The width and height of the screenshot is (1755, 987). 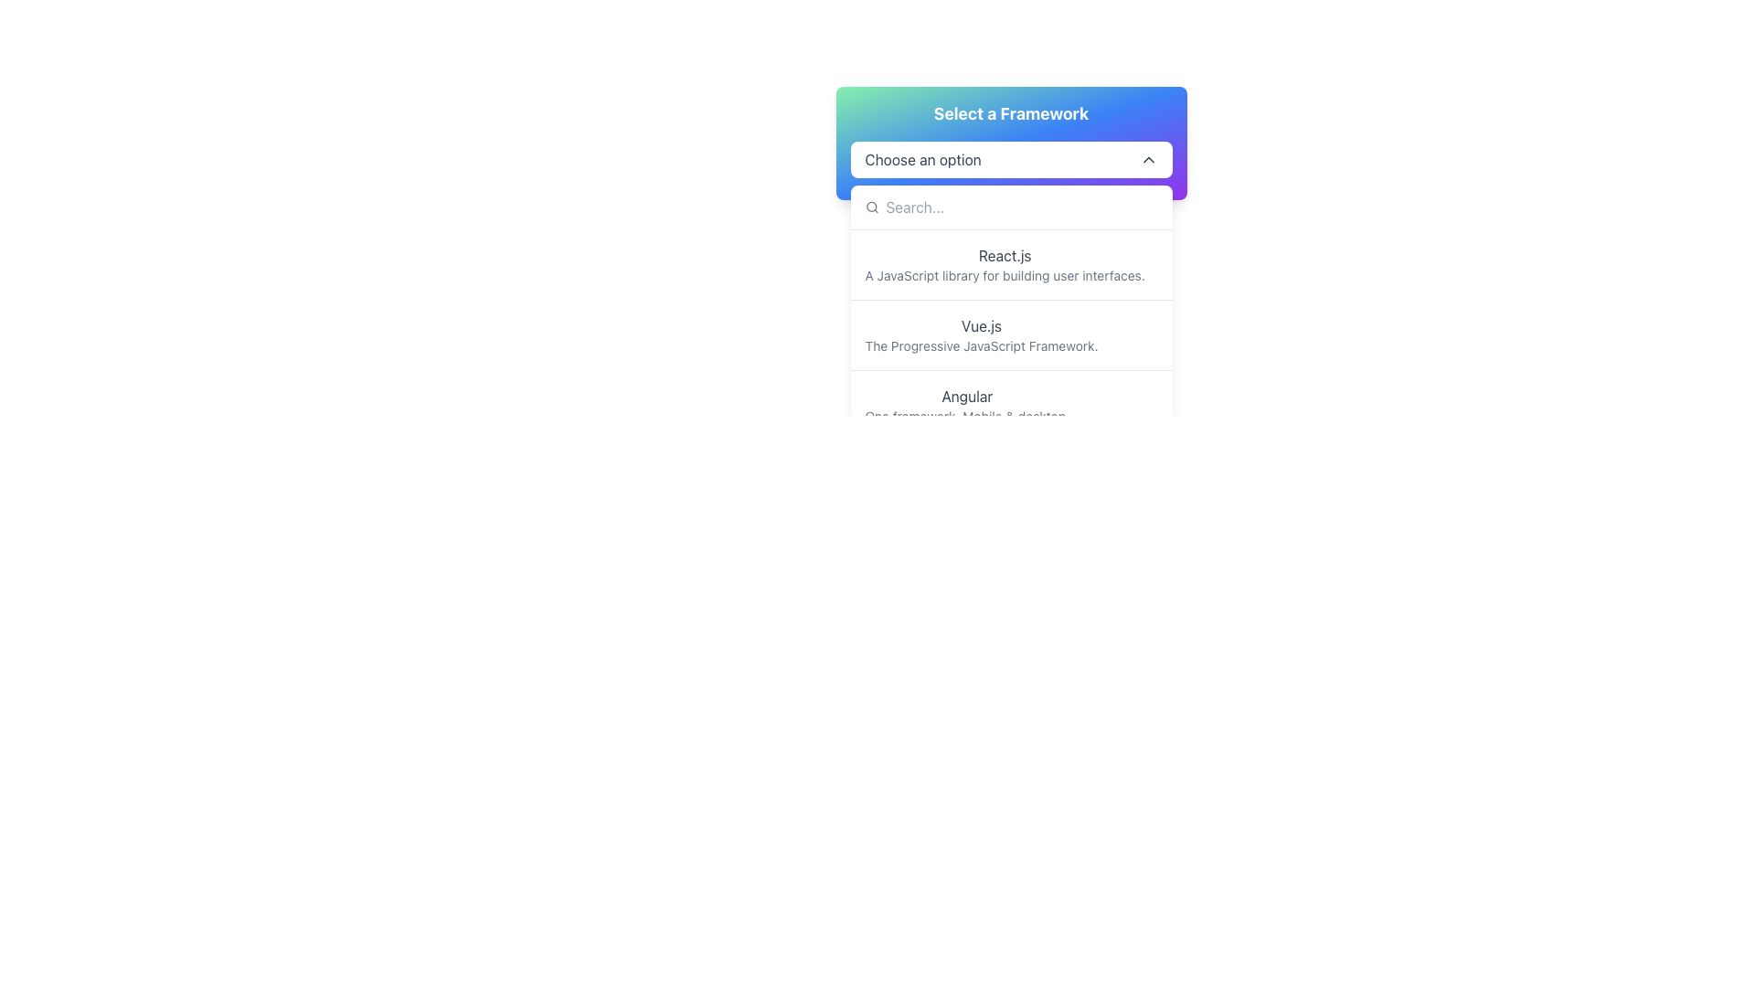 I want to click on the first option in the dropdown menu that displays 'React.js' in bold with a description 'A JavaScript library for building user interfaces.', so click(x=1004, y=264).